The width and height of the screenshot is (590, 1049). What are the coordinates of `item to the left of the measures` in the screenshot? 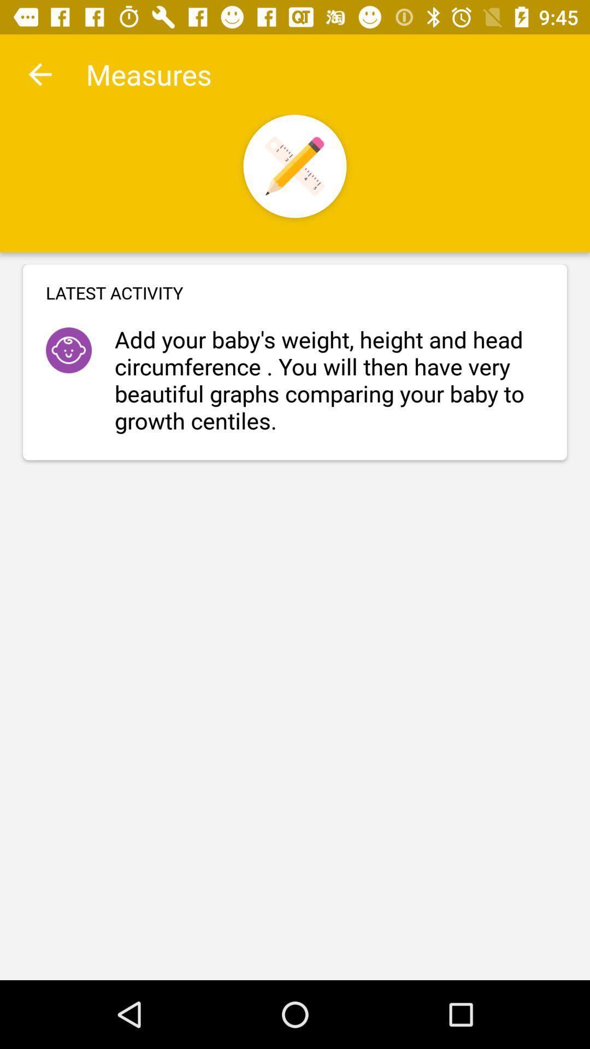 It's located at (39, 74).